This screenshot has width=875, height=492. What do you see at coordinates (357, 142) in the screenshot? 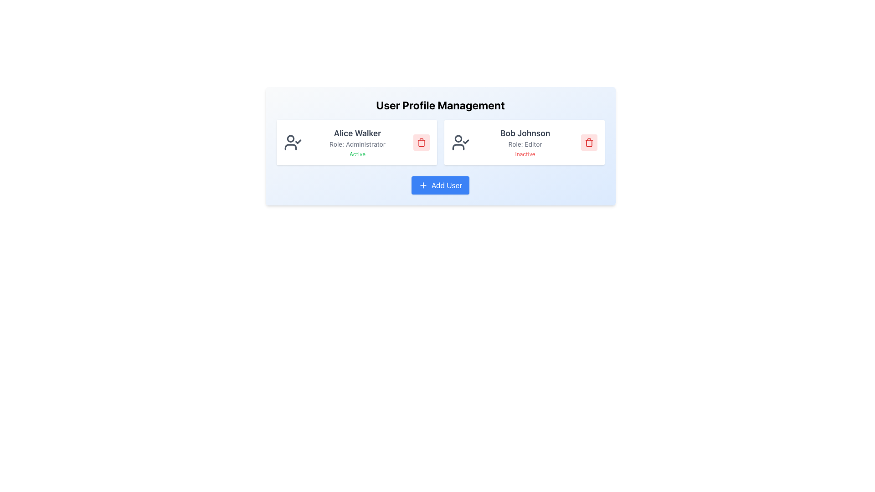
I see `on the user entry card content that summarizes a user's profile, located in the left user profile card in the User Profile Management panel` at bounding box center [357, 142].